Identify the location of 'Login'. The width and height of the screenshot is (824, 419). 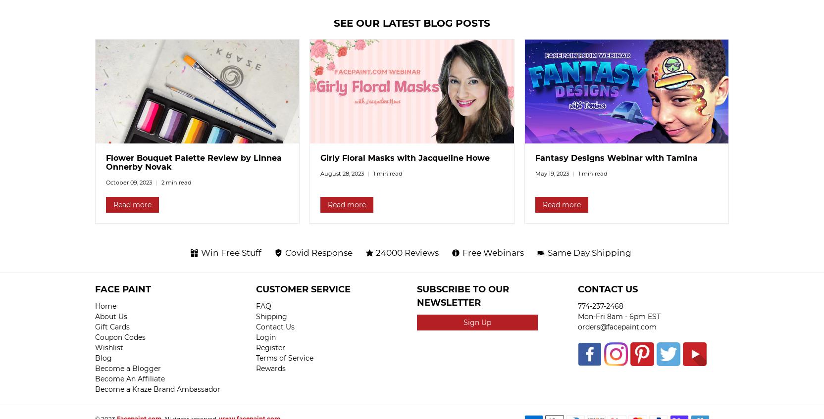
(265, 337).